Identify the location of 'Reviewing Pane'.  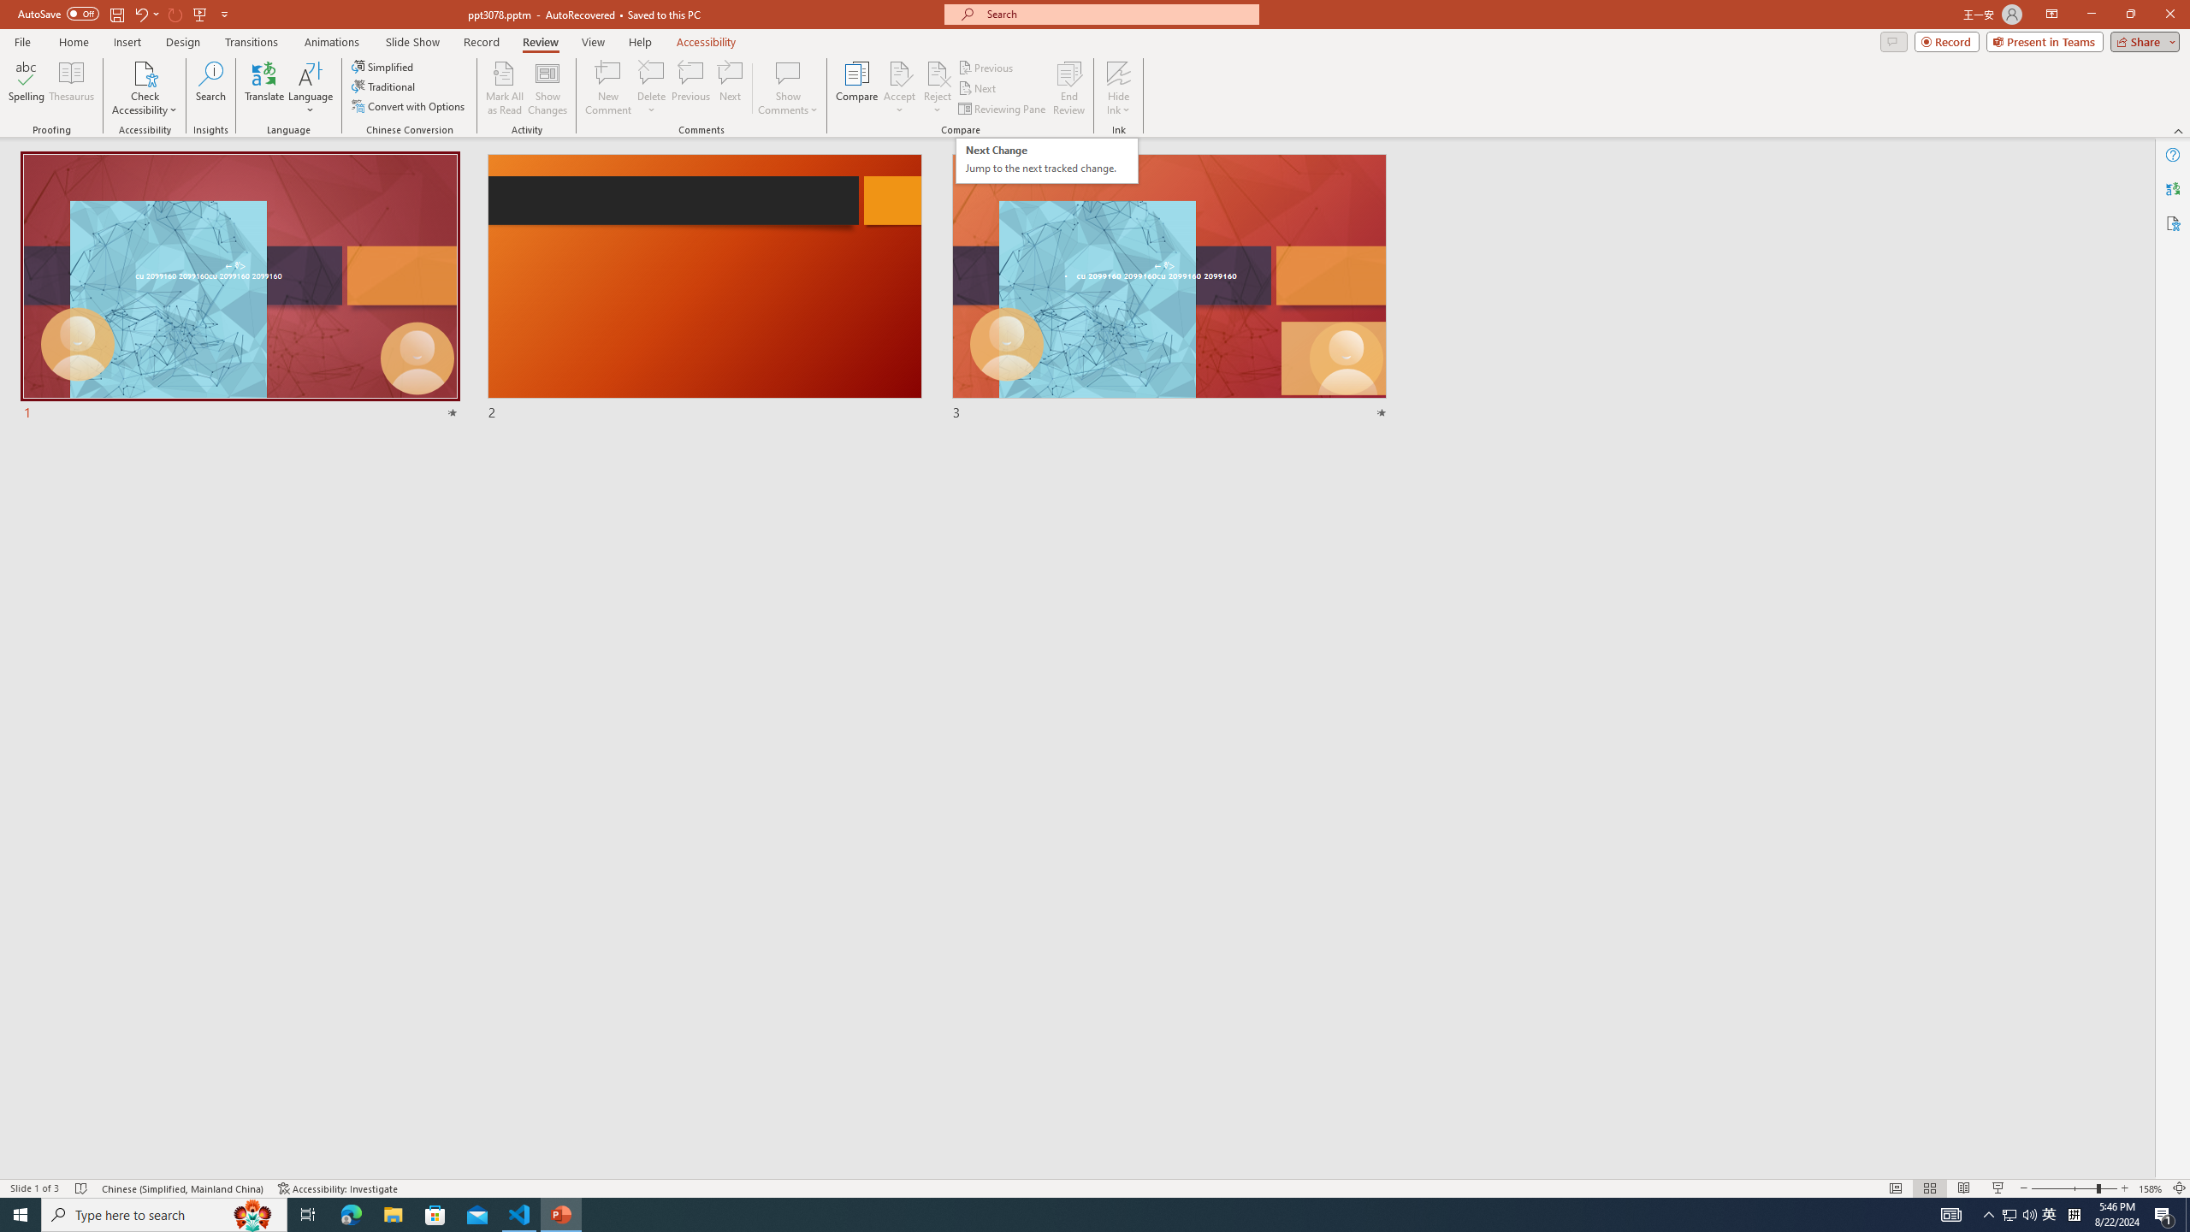
(1002, 109).